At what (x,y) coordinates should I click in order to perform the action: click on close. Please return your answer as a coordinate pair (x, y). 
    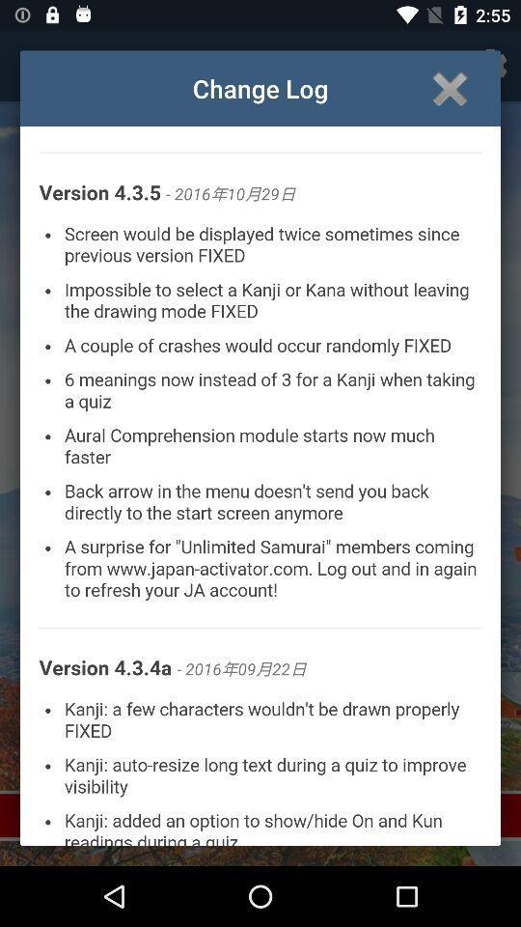
    Looking at the image, I should click on (450, 88).